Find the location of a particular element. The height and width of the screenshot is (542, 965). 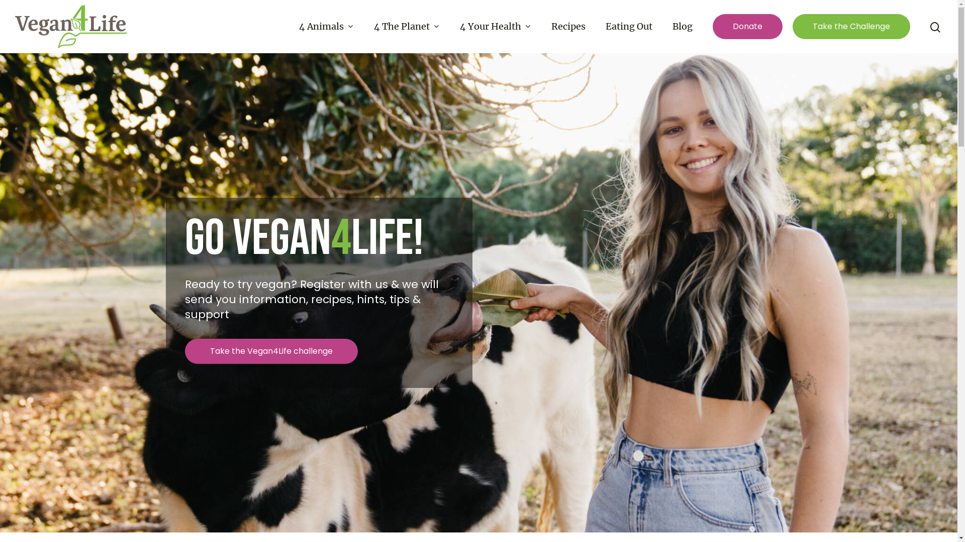

'Eating Out' is located at coordinates (628, 26).